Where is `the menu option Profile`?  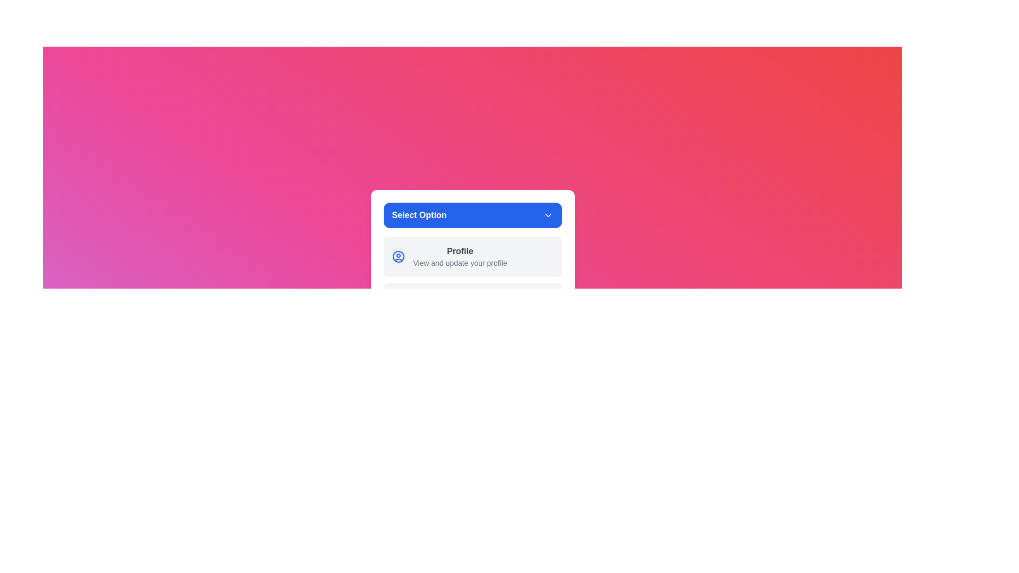
the menu option Profile is located at coordinates (472, 256).